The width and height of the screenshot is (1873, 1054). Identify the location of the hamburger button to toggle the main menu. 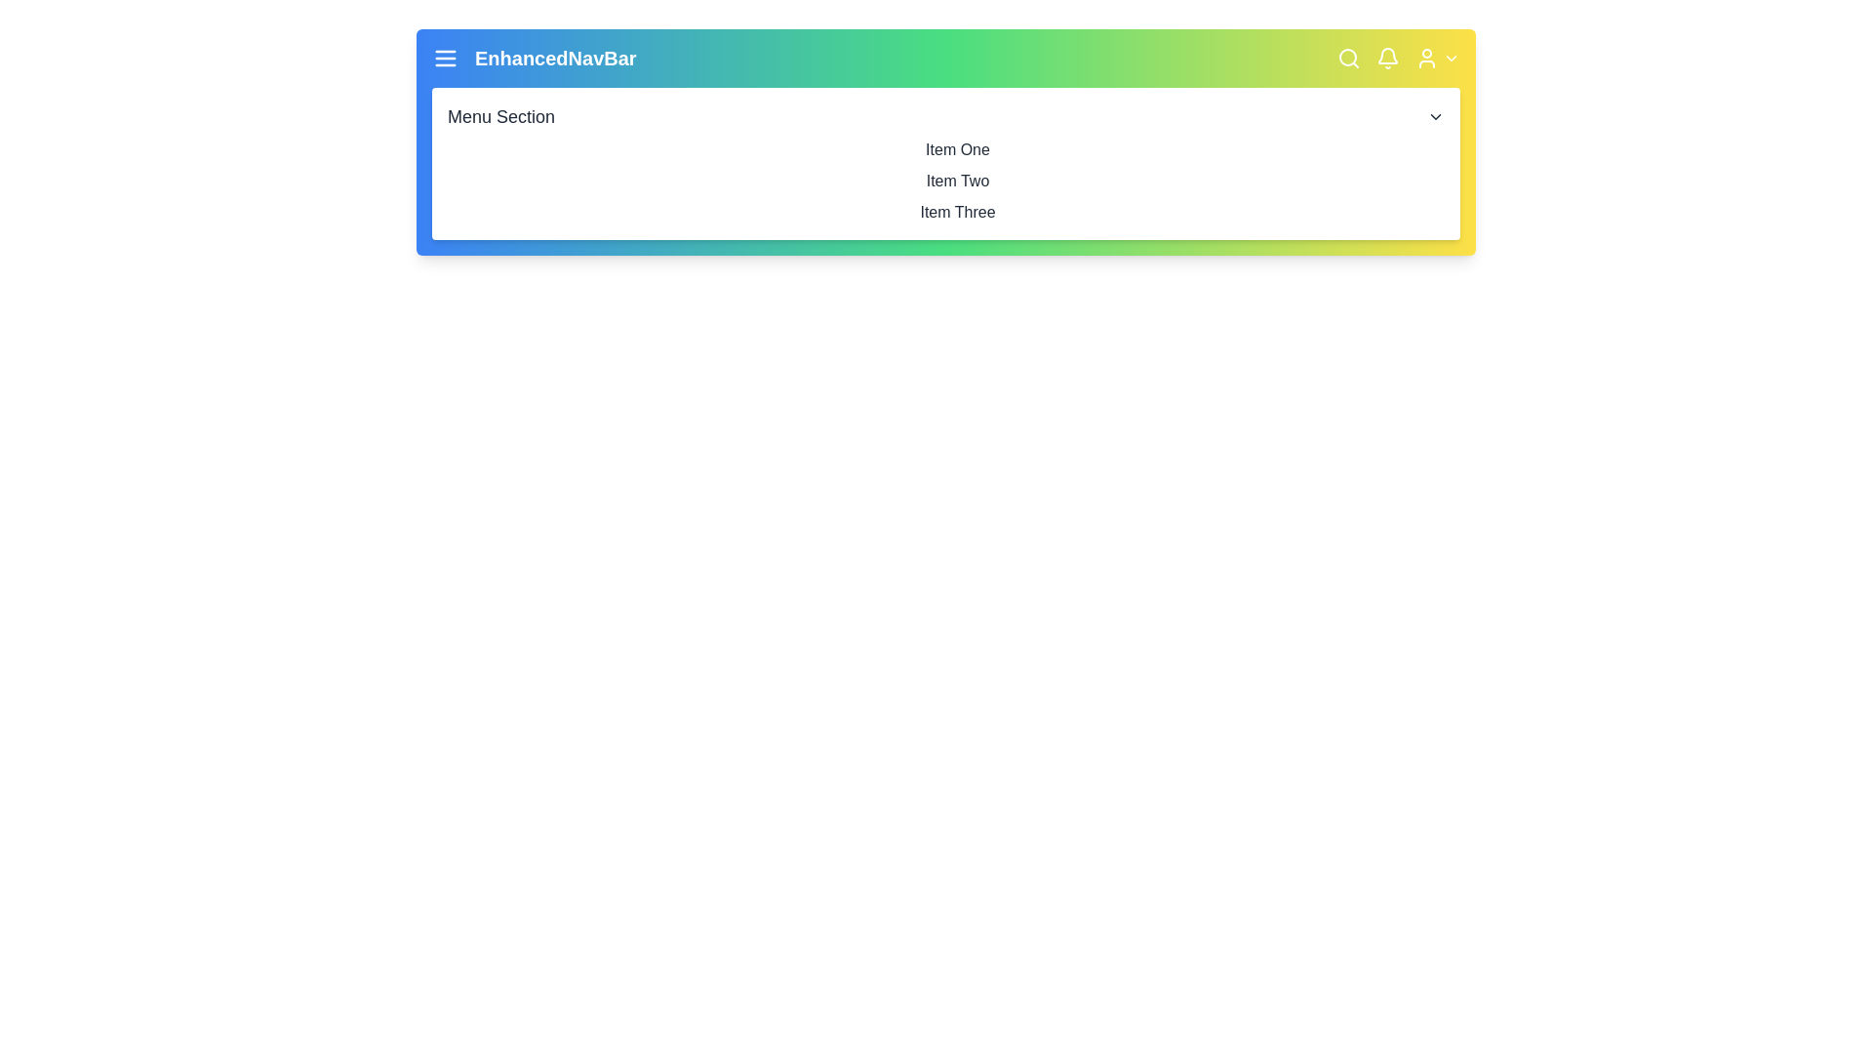
(444, 58).